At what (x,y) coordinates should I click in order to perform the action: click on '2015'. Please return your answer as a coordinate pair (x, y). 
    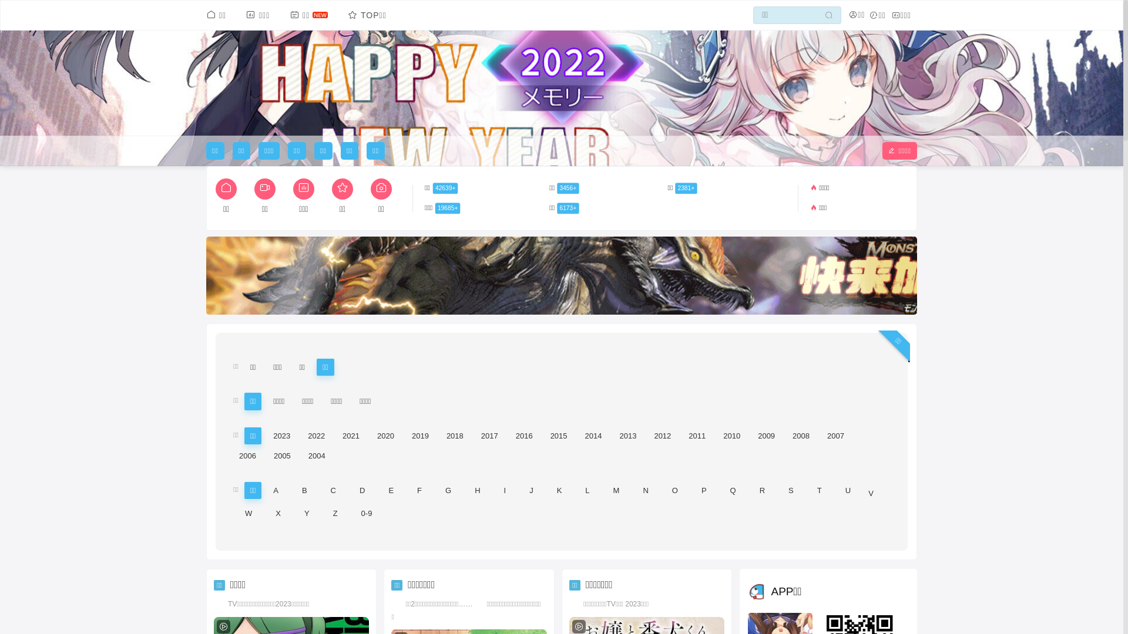
    Looking at the image, I should click on (558, 436).